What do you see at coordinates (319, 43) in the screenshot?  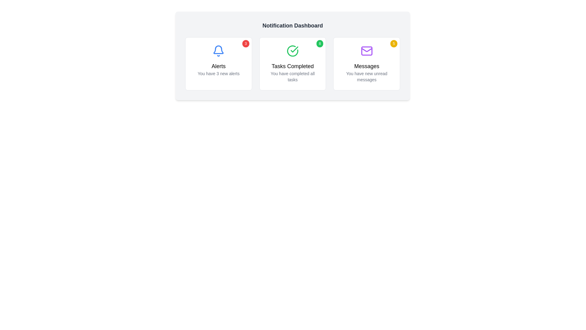 I see `the green circular badge with a white number '8' inside, located at the top-right corner of the 'Tasks Completed' card in the Notification Dashboard` at bounding box center [319, 43].